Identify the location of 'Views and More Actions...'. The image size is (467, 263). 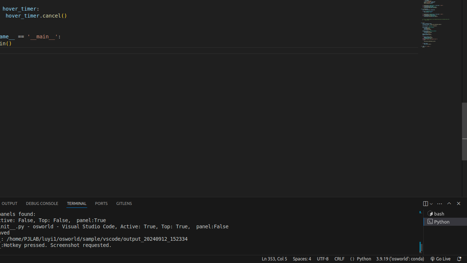
(439, 203).